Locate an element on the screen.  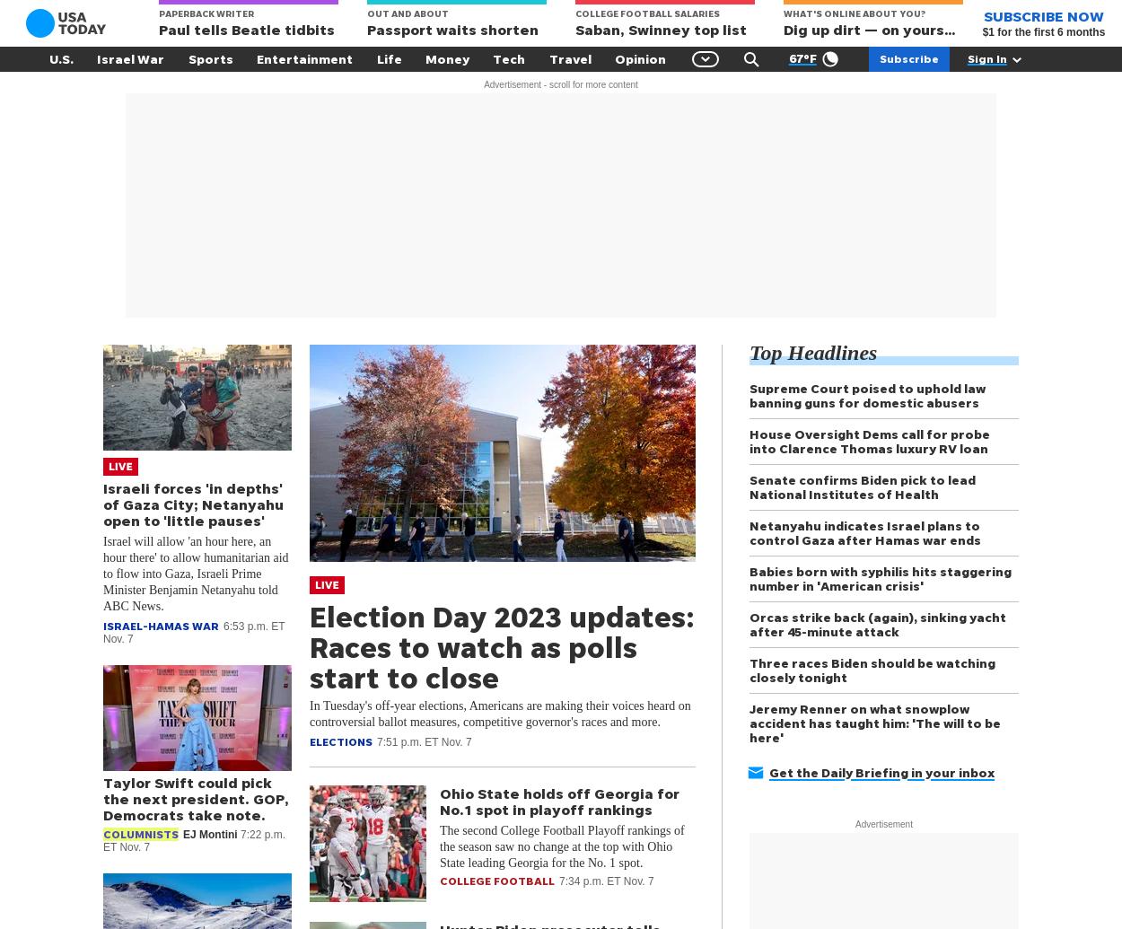
'Supreme Court poised to uphold law banning guns for domestic abusers' is located at coordinates (866, 395).